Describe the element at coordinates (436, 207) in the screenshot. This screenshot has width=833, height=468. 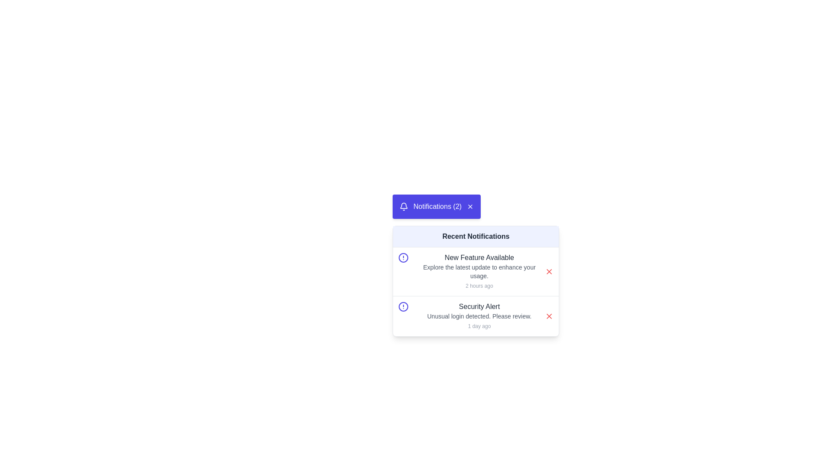
I see `the notification panel header to receive additional UI feedback regarding notifications and the close button` at that location.